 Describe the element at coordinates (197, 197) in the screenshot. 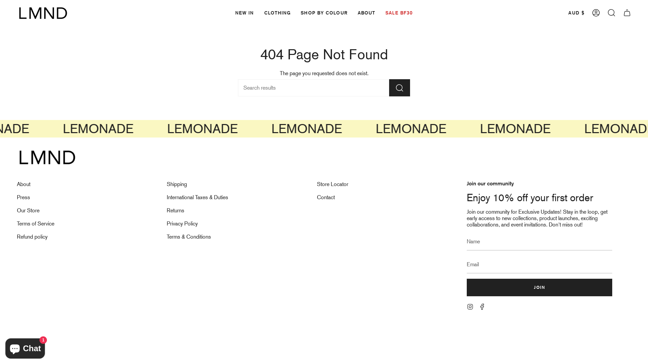

I see `'International Taxes & Duties'` at that location.